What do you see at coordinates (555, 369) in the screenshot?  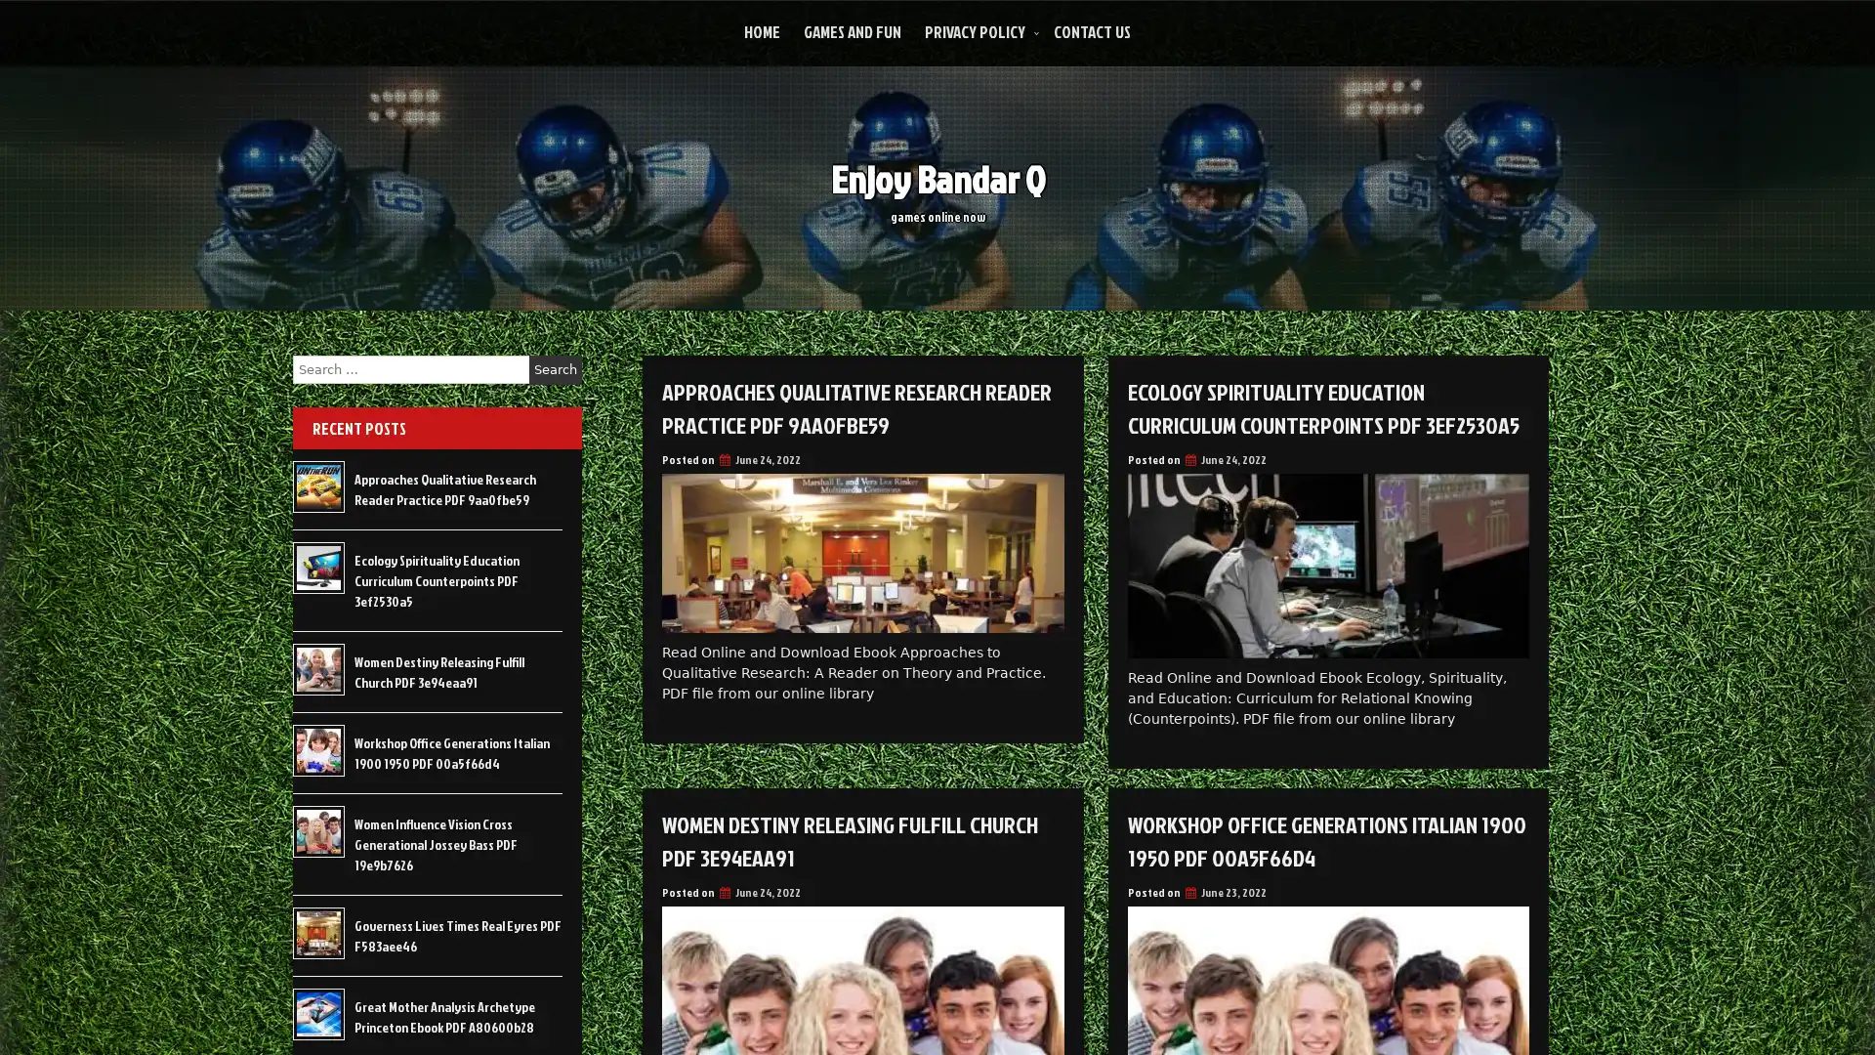 I see `Search` at bounding box center [555, 369].